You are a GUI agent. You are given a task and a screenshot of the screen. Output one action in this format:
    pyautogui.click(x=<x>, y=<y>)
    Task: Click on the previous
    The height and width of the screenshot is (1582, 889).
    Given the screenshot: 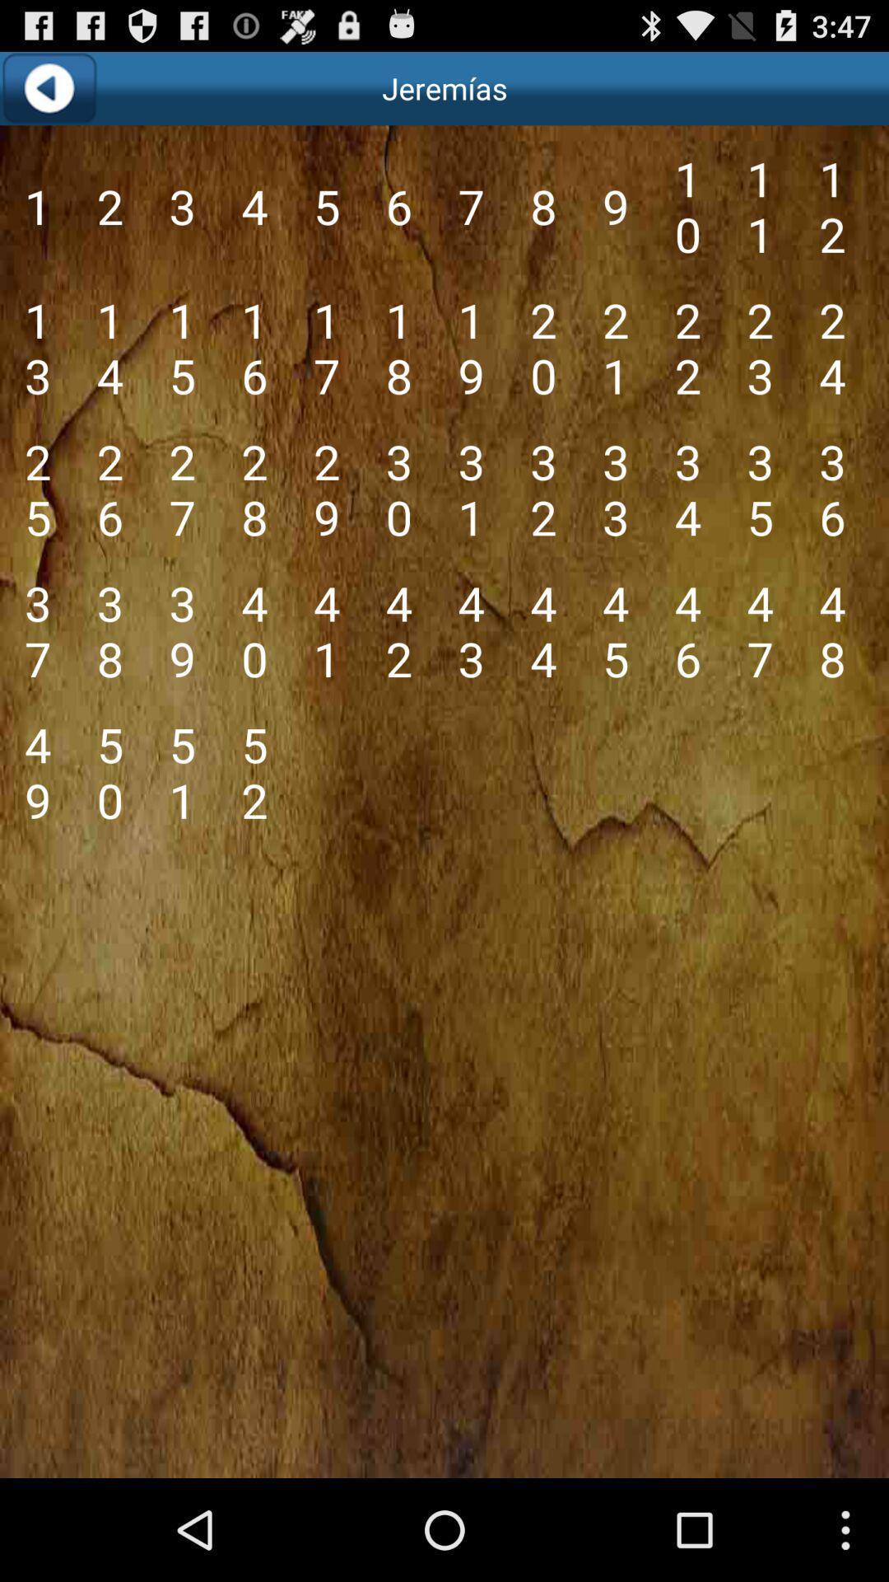 What is the action you would take?
    pyautogui.click(x=48, y=87)
    